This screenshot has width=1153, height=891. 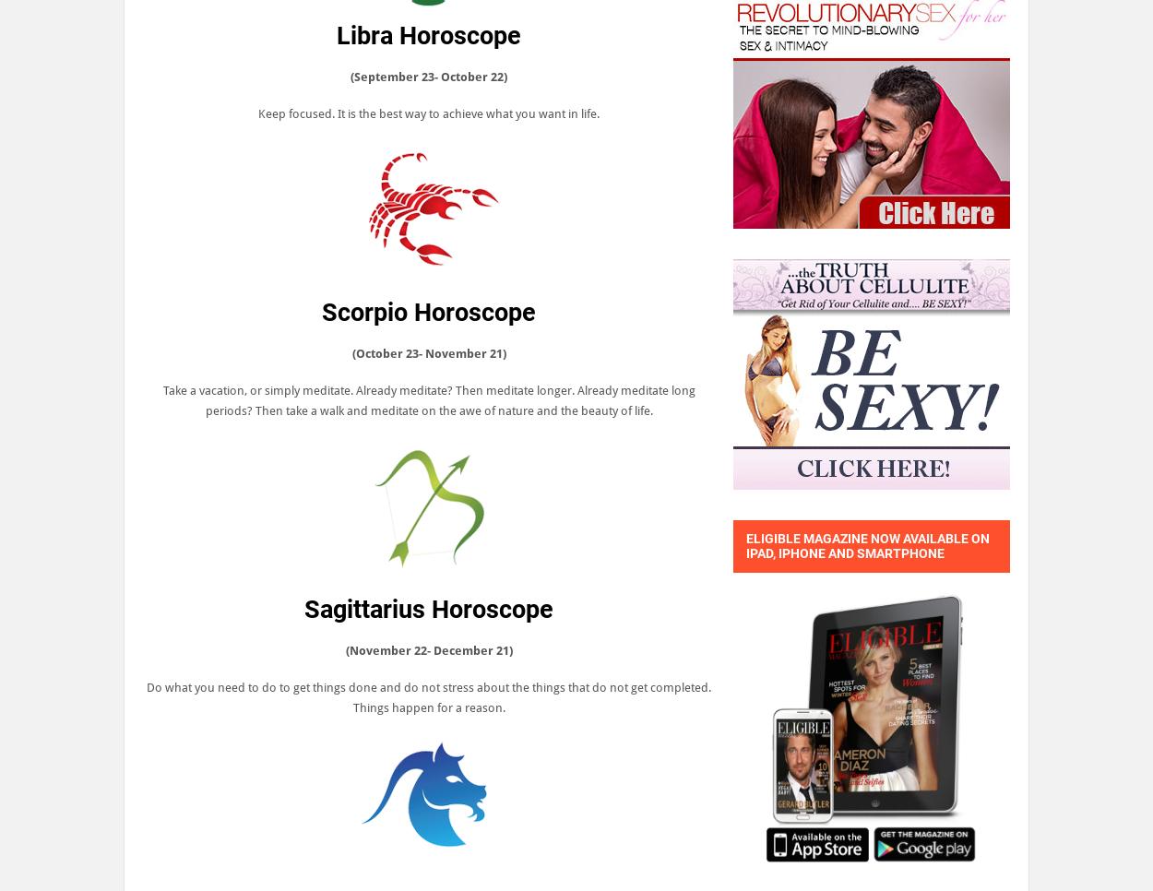 What do you see at coordinates (428, 113) in the screenshot?
I see `'Keep focused. It is the best way to achieve what you want in life.'` at bounding box center [428, 113].